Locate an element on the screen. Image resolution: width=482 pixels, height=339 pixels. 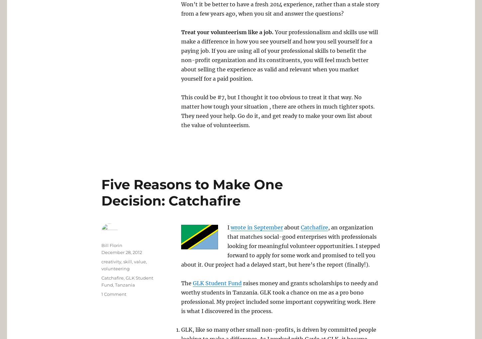
'Tanzania' is located at coordinates (124, 285).